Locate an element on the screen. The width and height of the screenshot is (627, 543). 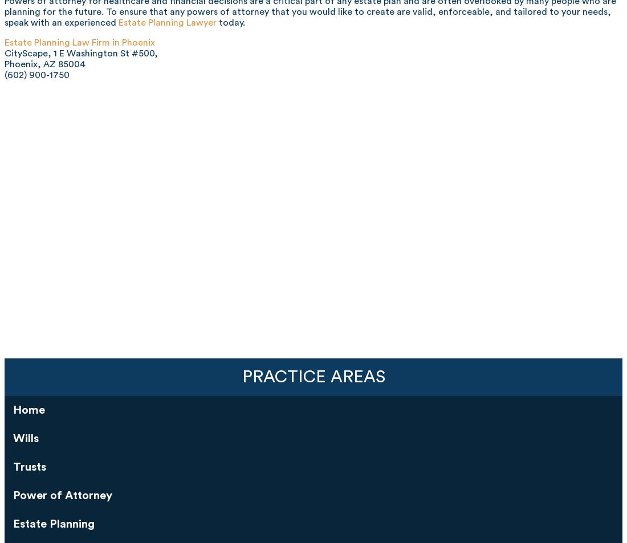
'CityScape, 1 E Washington St #500,' is located at coordinates (4, 52).